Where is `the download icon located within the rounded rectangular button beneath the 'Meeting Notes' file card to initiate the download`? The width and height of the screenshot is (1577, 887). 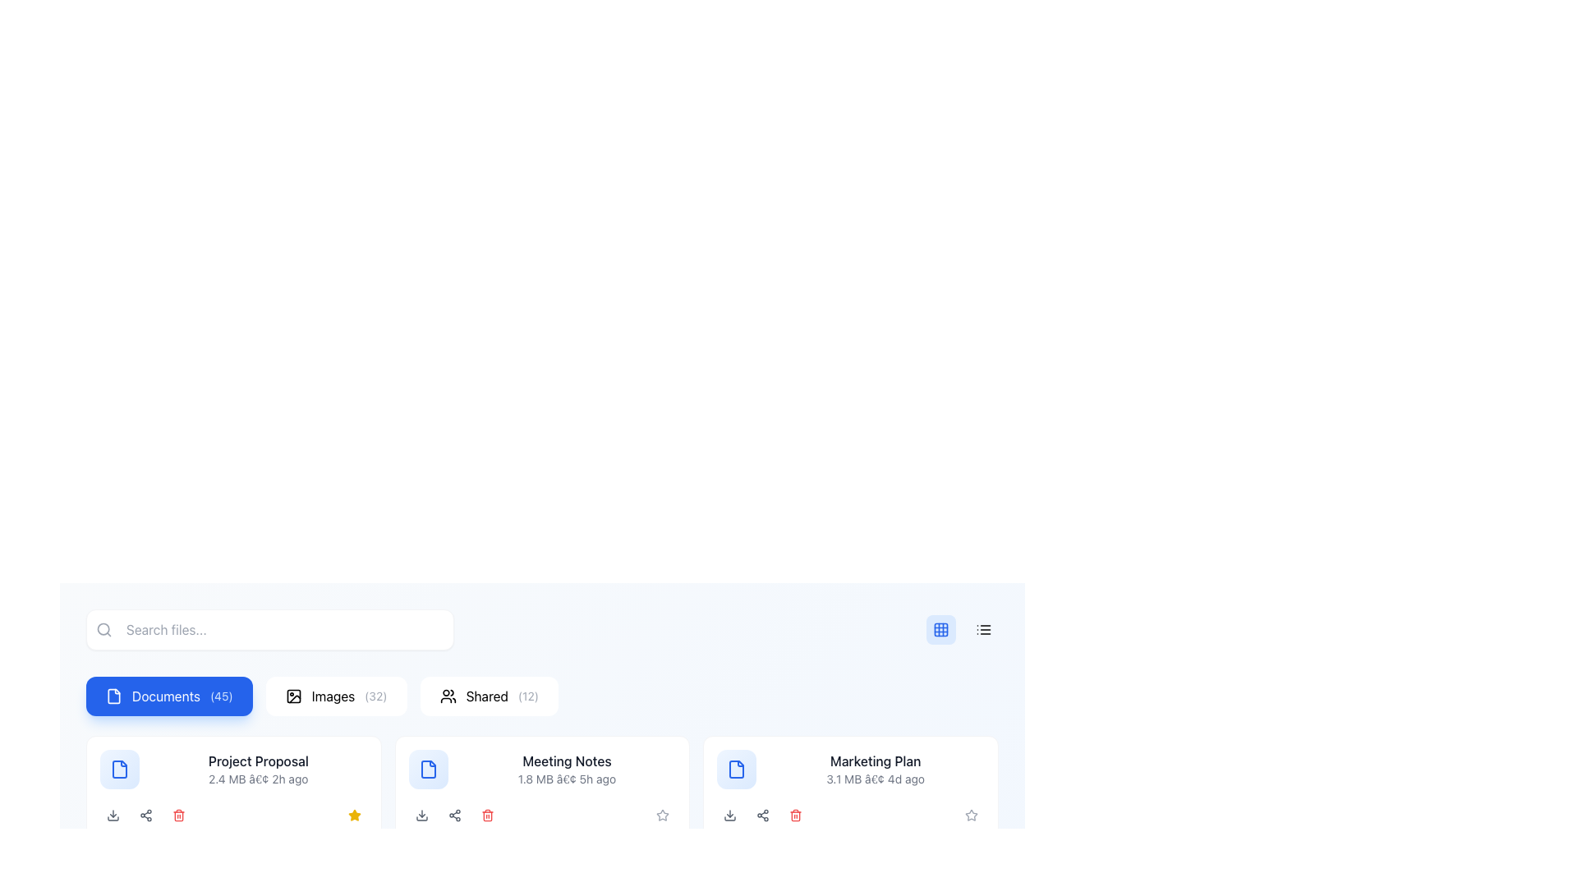
the download icon located within the rounded rectangular button beneath the 'Meeting Notes' file card to initiate the download is located at coordinates (421, 815).